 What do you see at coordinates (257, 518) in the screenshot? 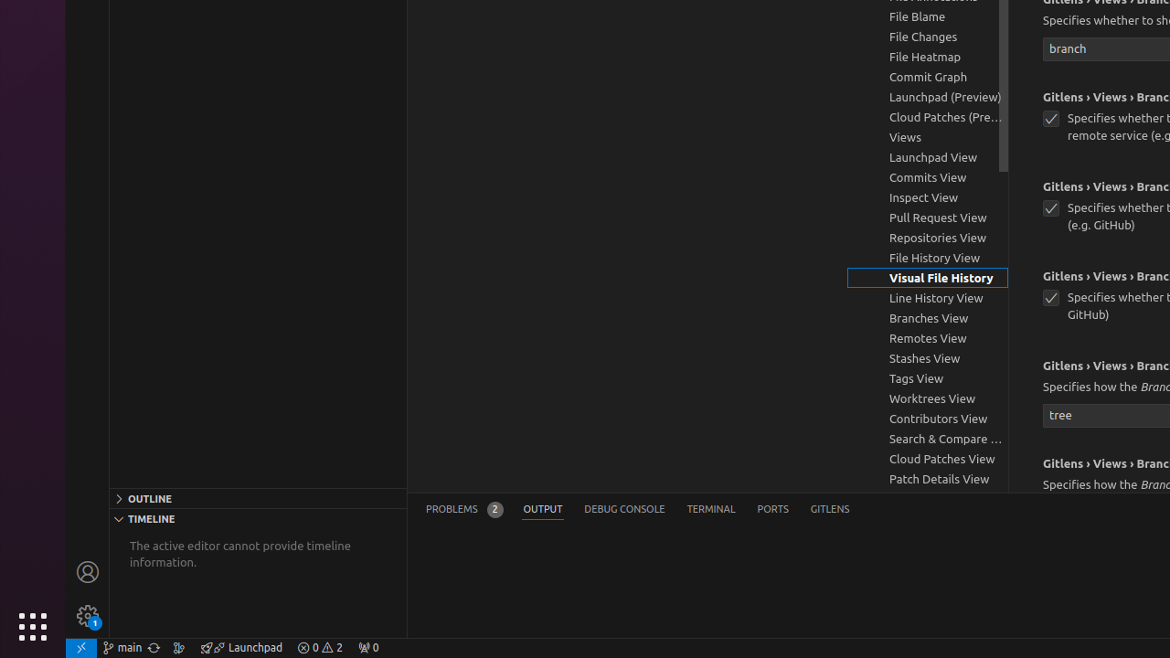
I see `'Timeline Section'` at bounding box center [257, 518].